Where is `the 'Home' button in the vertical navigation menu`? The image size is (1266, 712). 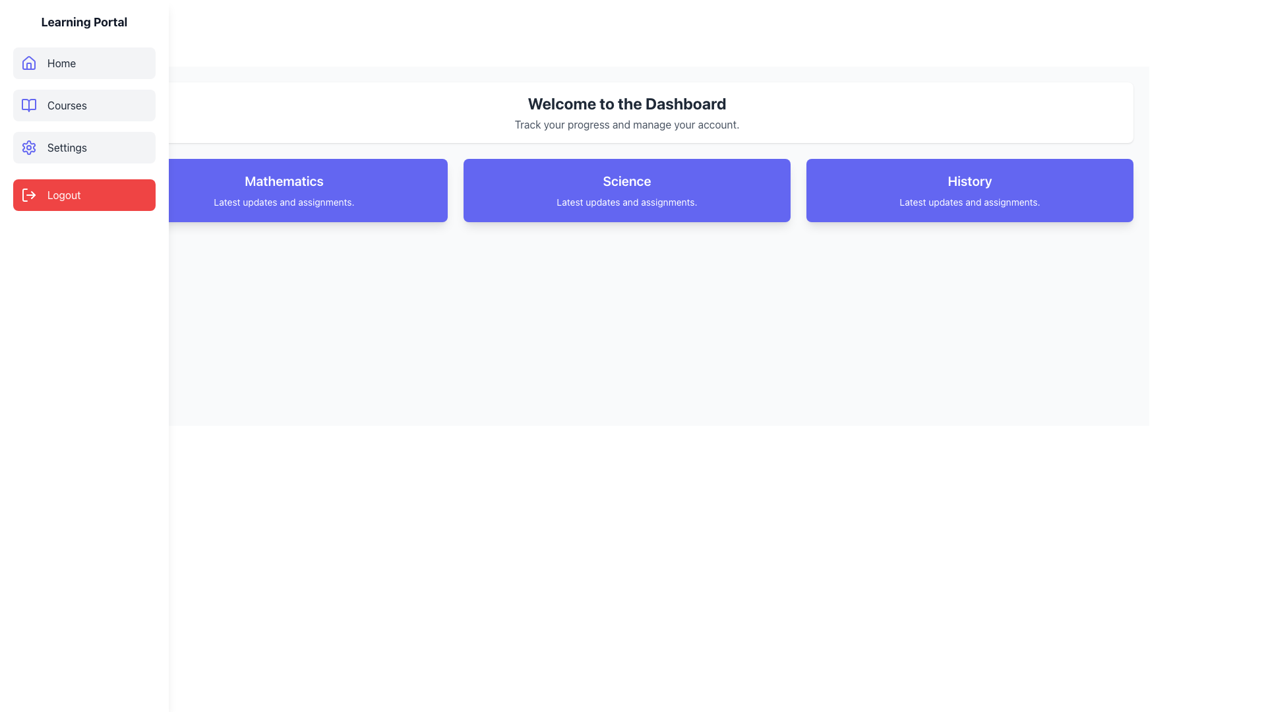
the 'Home' button in the vertical navigation menu is located at coordinates (84, 63).